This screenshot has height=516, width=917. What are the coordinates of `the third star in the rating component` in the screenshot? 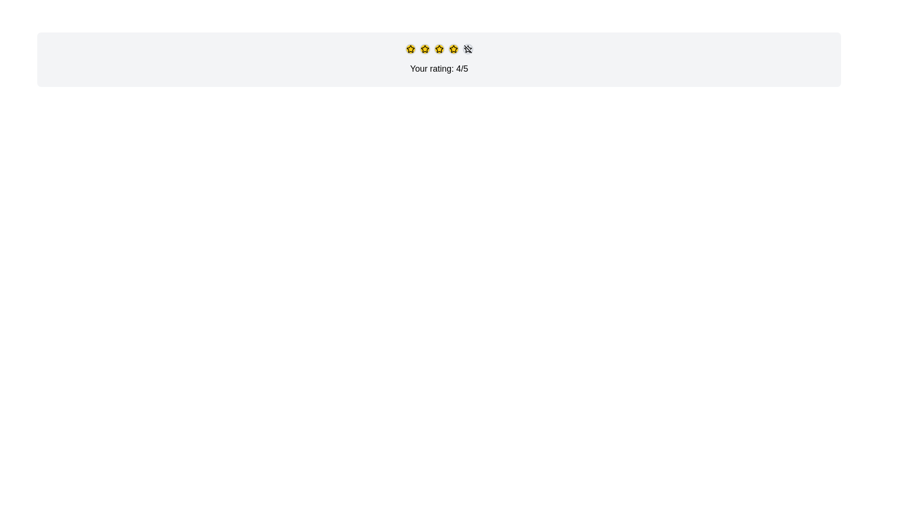 It's located at (453, 48).